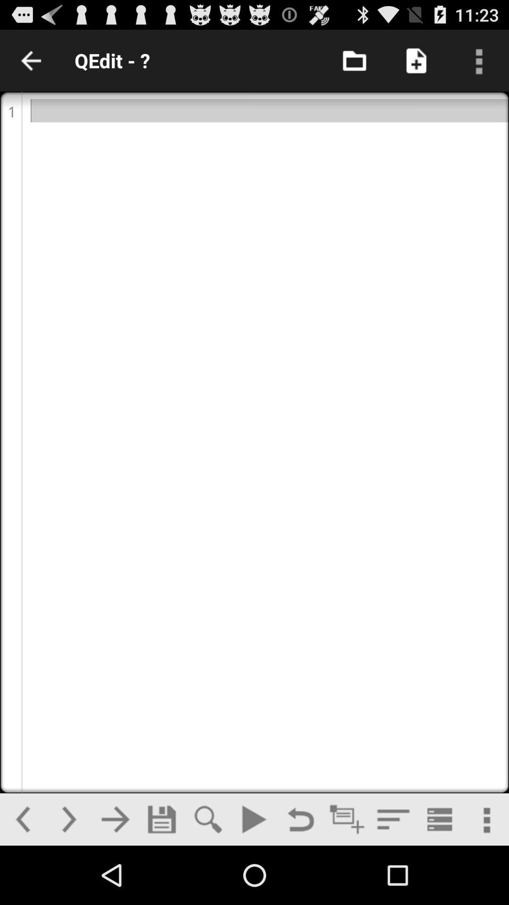  I want to click on edit option, so click(254, 442).